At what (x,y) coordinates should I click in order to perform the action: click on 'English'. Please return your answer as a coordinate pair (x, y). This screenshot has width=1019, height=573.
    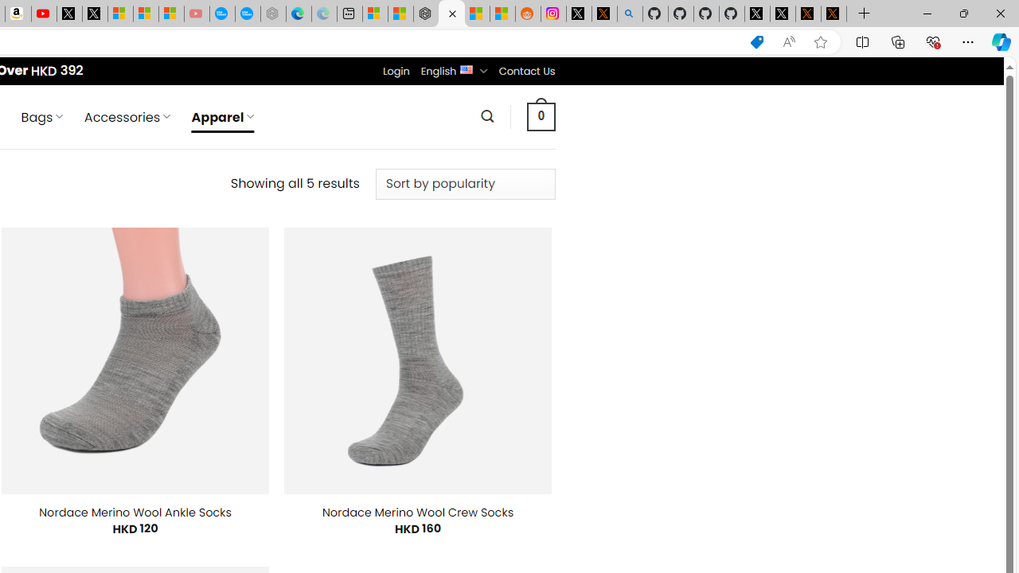
    Looking at the image, I should click on (466, 68).